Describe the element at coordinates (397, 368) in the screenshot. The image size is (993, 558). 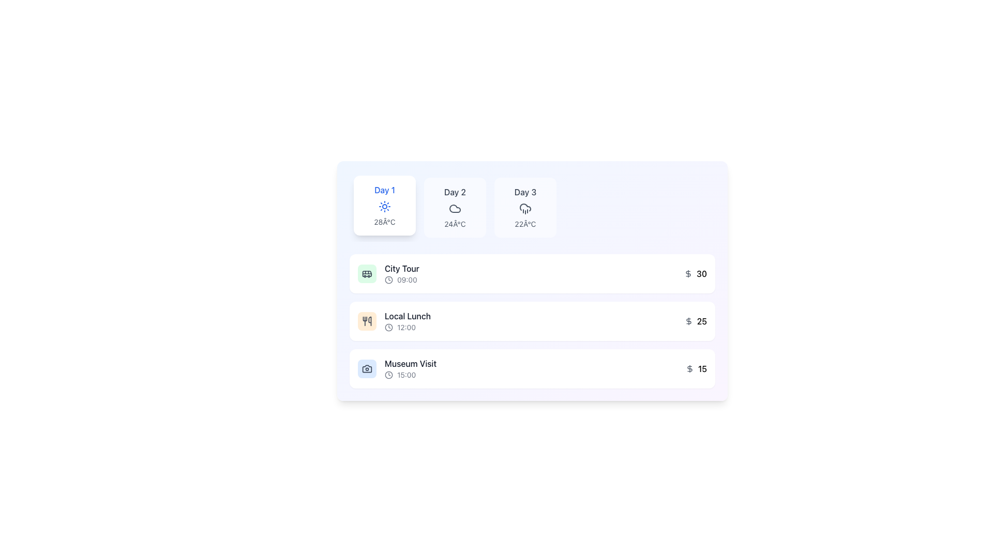
I see `title 'Museum Visit' and the time '15:00' from the third list item in the vertical activities list` at that location.